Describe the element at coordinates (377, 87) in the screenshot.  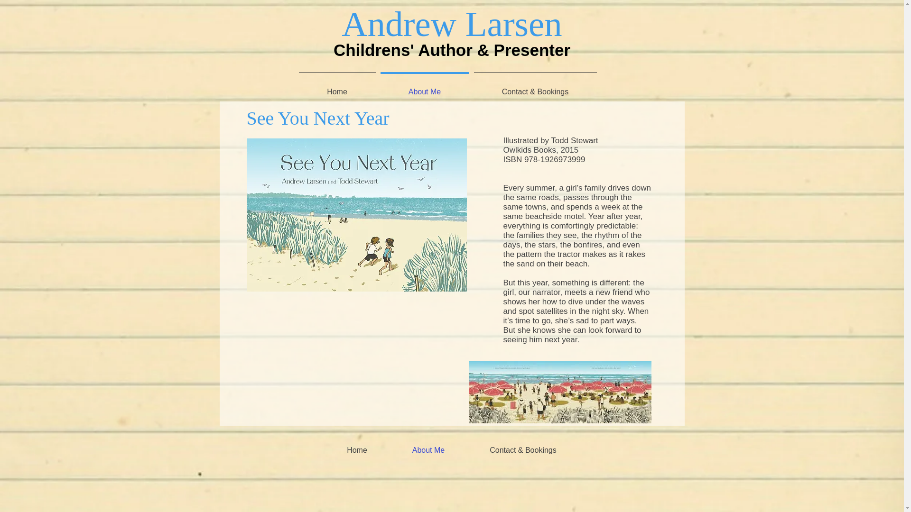
I see `'About Me'` at that location.